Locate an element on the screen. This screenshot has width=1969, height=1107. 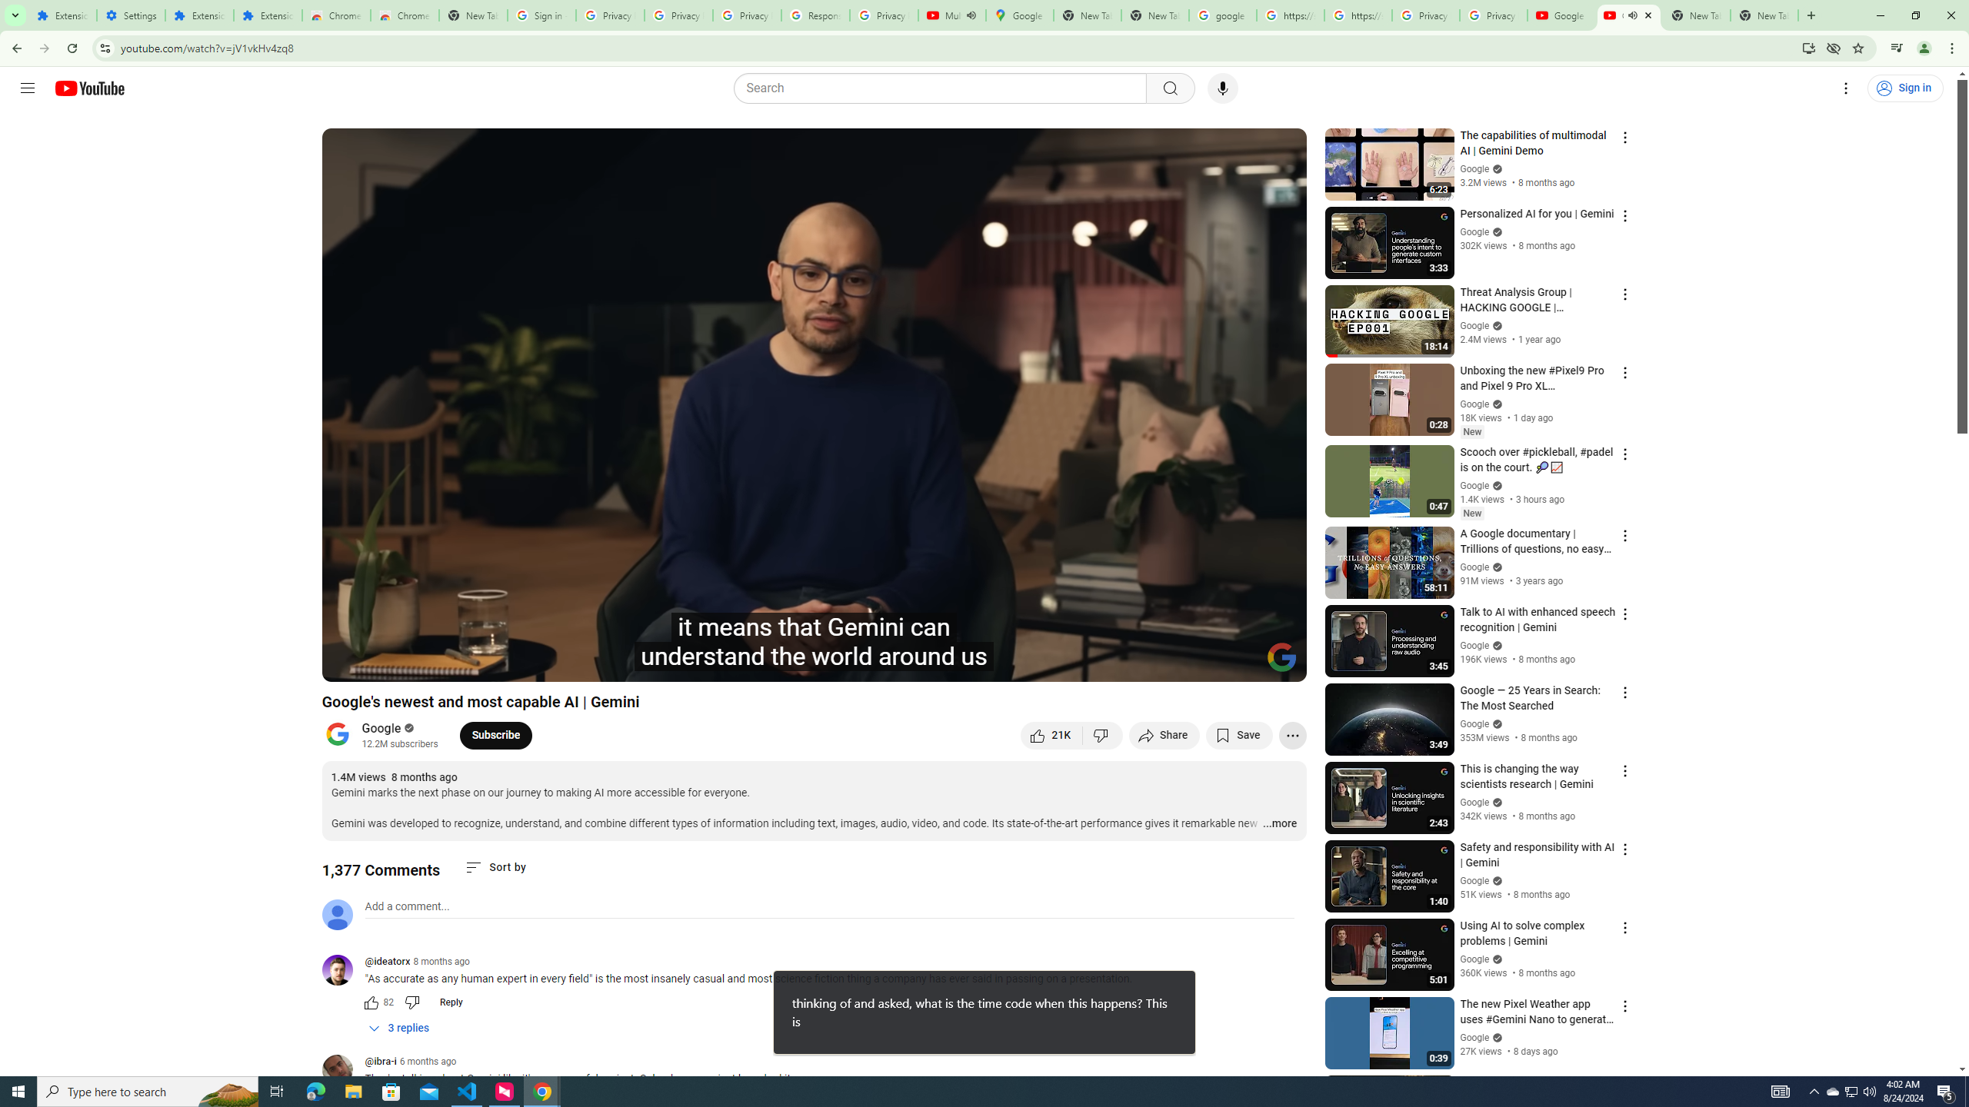
'More actions' is located at coordinates (1291, 734).